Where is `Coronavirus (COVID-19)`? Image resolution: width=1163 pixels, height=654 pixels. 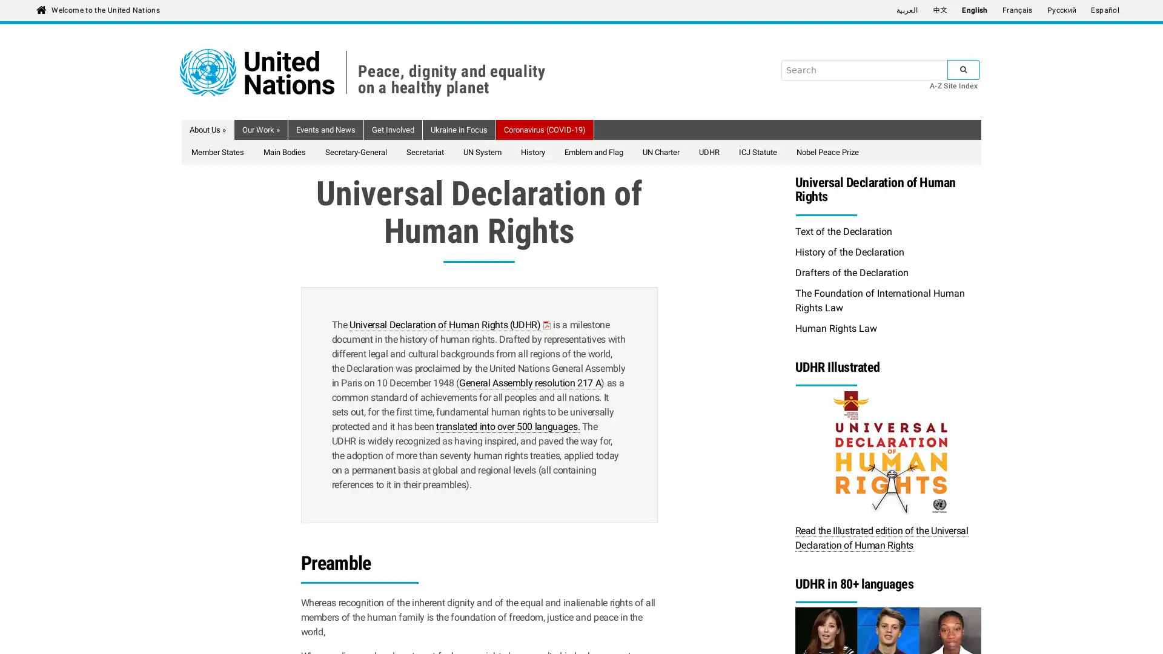
Coronavirus (COVID-19) is located at coordinates (545, 129).